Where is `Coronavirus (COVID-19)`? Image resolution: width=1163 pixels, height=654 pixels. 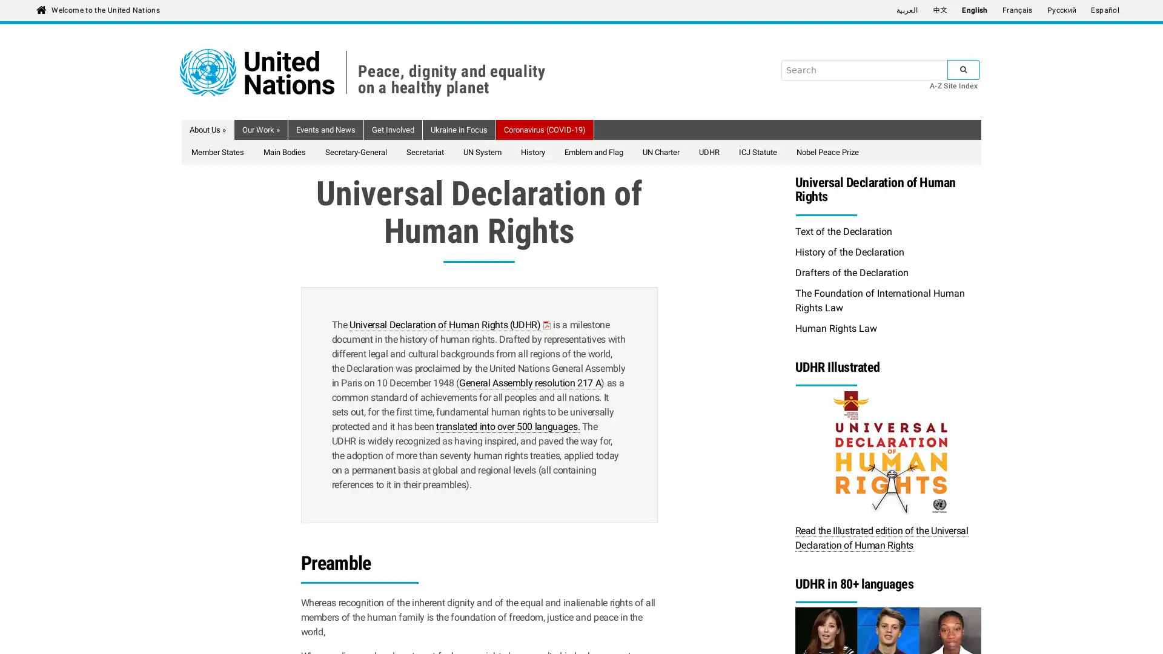
Coronavirus (COVID-19) is located at coordinates (545, 129).